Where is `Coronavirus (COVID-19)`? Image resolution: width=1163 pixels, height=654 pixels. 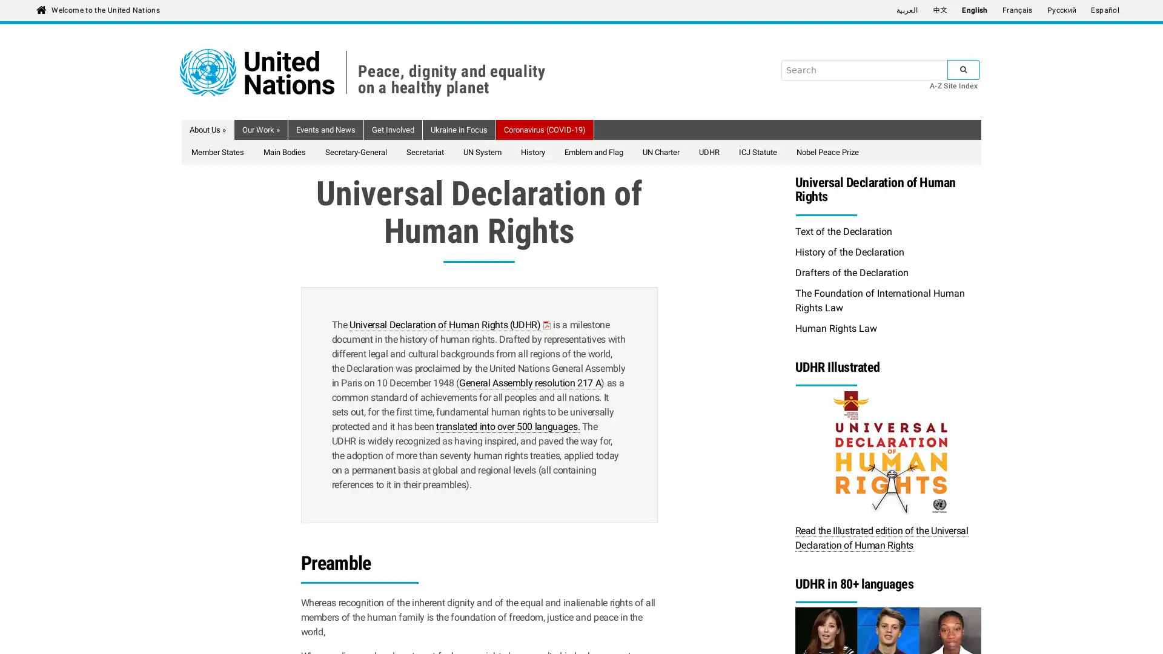
Coronavirus (COVID-19) is located at coordinates (545, 129).